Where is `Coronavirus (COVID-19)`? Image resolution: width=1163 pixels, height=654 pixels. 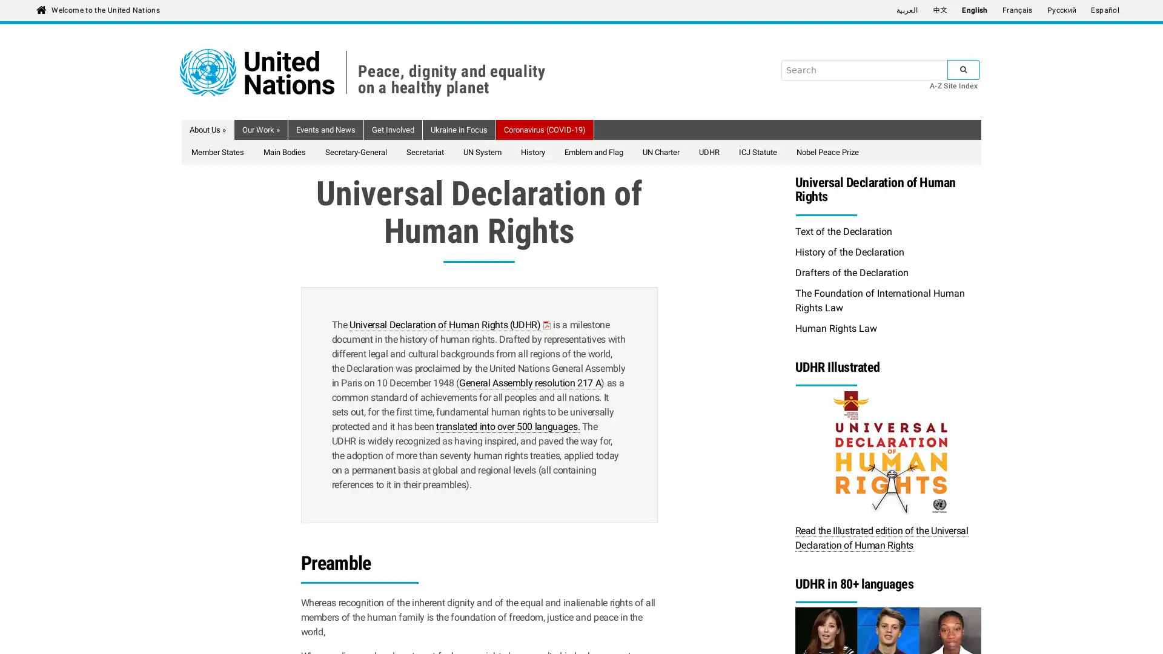
Coronavirus (COVID-19) is located at coordinates (545, 129).